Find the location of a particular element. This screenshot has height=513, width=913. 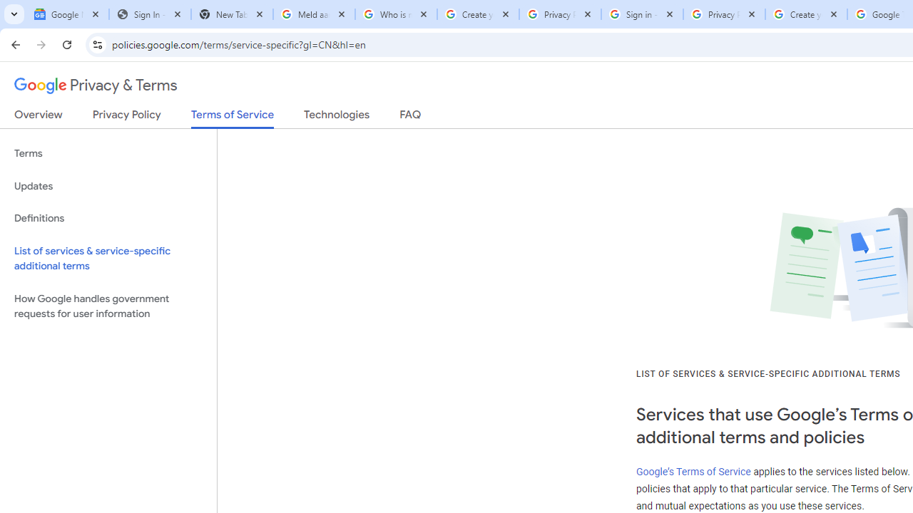

'Terms of Service' is located at coordinates (233, 118).